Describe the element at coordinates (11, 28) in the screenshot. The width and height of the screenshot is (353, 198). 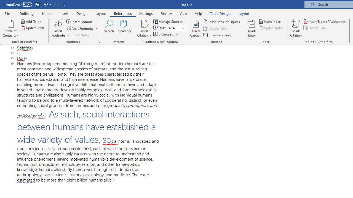
I see `'Table of Contents'` at that location.